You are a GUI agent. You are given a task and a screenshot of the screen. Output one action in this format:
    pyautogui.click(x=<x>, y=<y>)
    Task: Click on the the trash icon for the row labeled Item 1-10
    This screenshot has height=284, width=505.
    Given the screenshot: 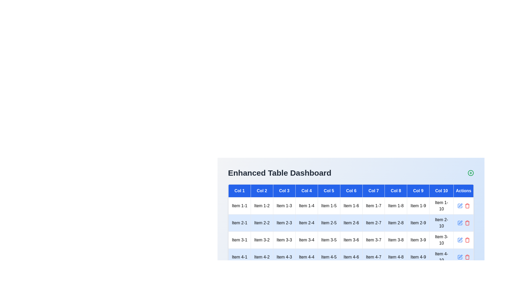 What is the action you would take?
    pyautogui.click(x=467, y=206)
    